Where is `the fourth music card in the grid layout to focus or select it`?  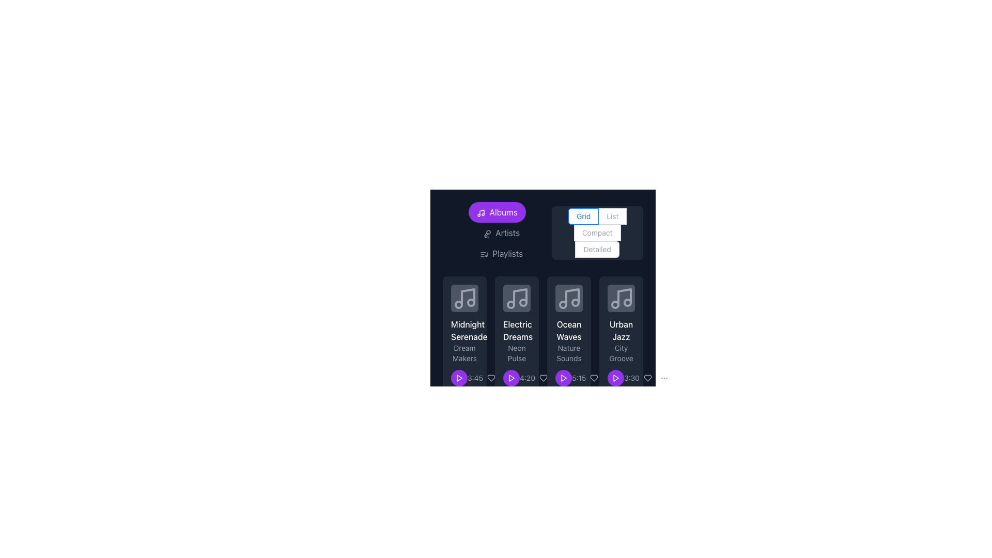
the fourth music card in the grid layout to focus or select it is located at coordinates (621, 335).